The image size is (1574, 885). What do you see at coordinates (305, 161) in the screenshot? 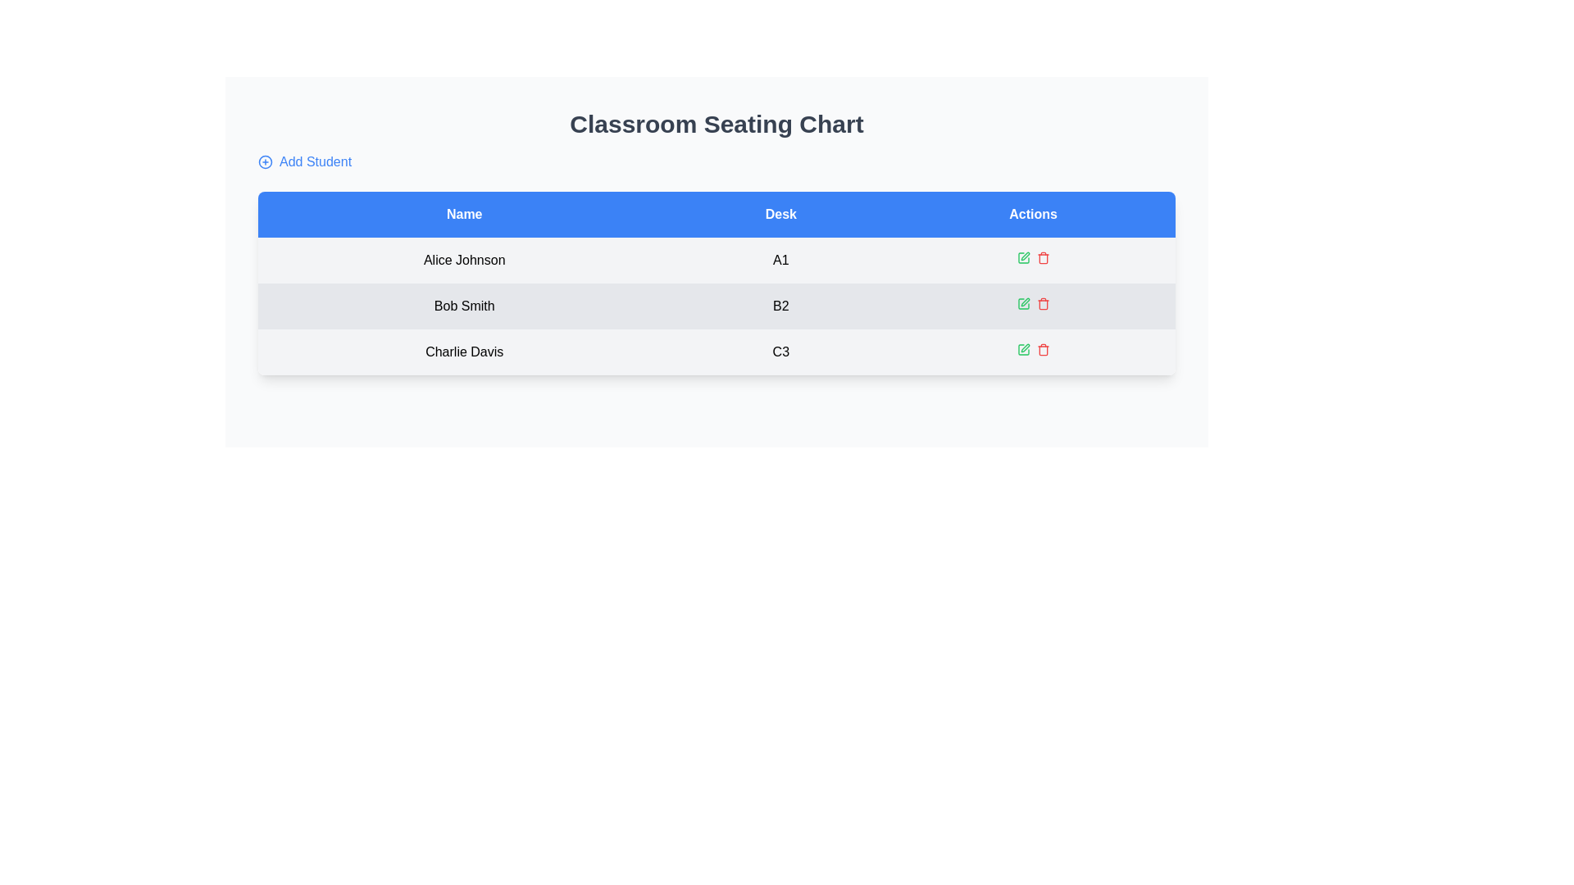
I see `the 'Add Student' button, which is a blue clickable text with a circular '+' icon on its left, located near the top left of the page beneath the heading 'Classroom Seating Chart'` at bounding box center [305, 161].